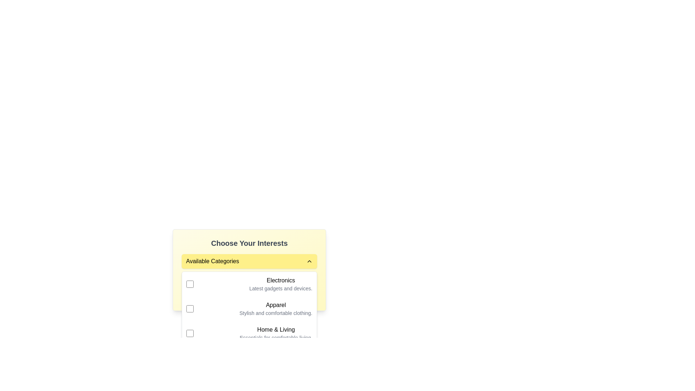 This screenshot has height=391, width=695. I want to click on the text label that reads 'Choose Your Interests', which is bold, large, and dark gray, positioned at the top of its section, so click(249, 243).